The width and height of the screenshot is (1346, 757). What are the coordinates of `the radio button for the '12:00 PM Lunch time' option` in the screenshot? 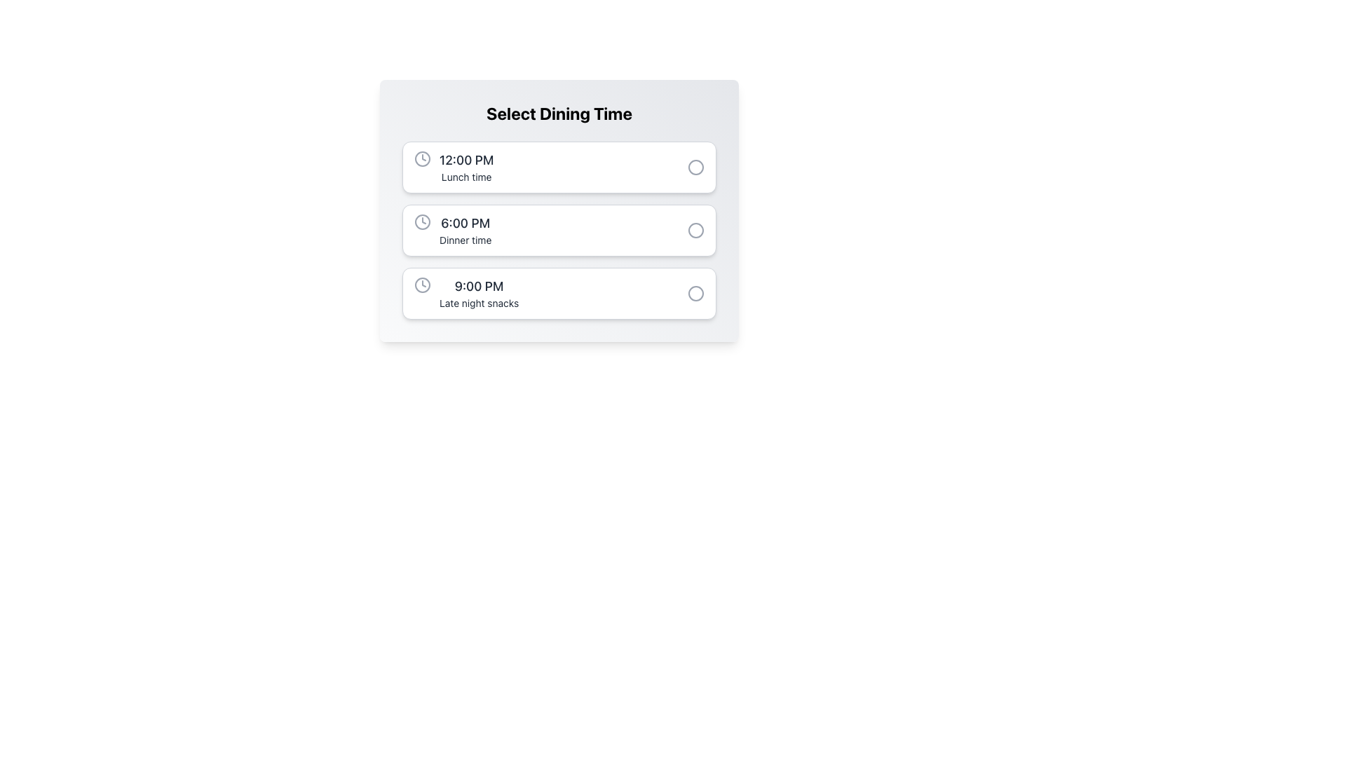 It's located at (696, 167).